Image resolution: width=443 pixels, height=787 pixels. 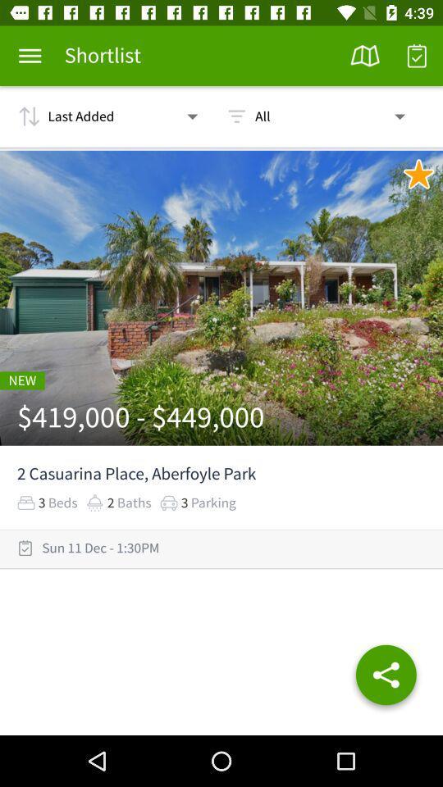 I want to click on the icon beside all on the  top of the web page, so click(x=236, y=116).